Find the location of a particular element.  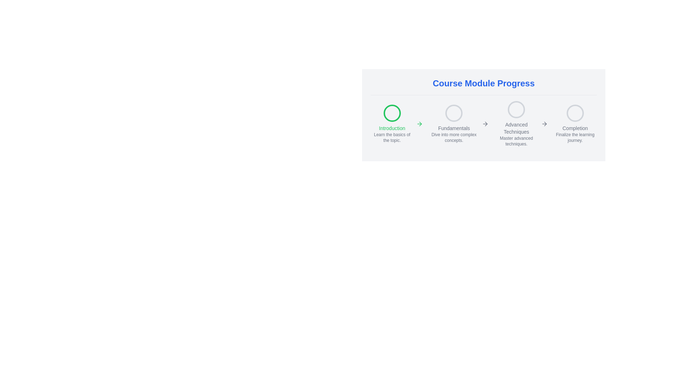

the first step of the multi-step course module progress indicator, which provides an informational cue for progression is located at coordinates (392, 124).